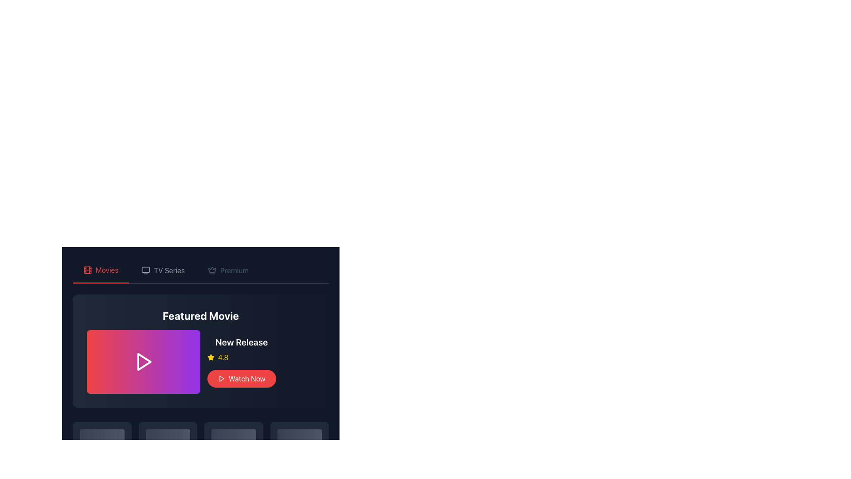  I want to click on the play button, so click(144, 362).